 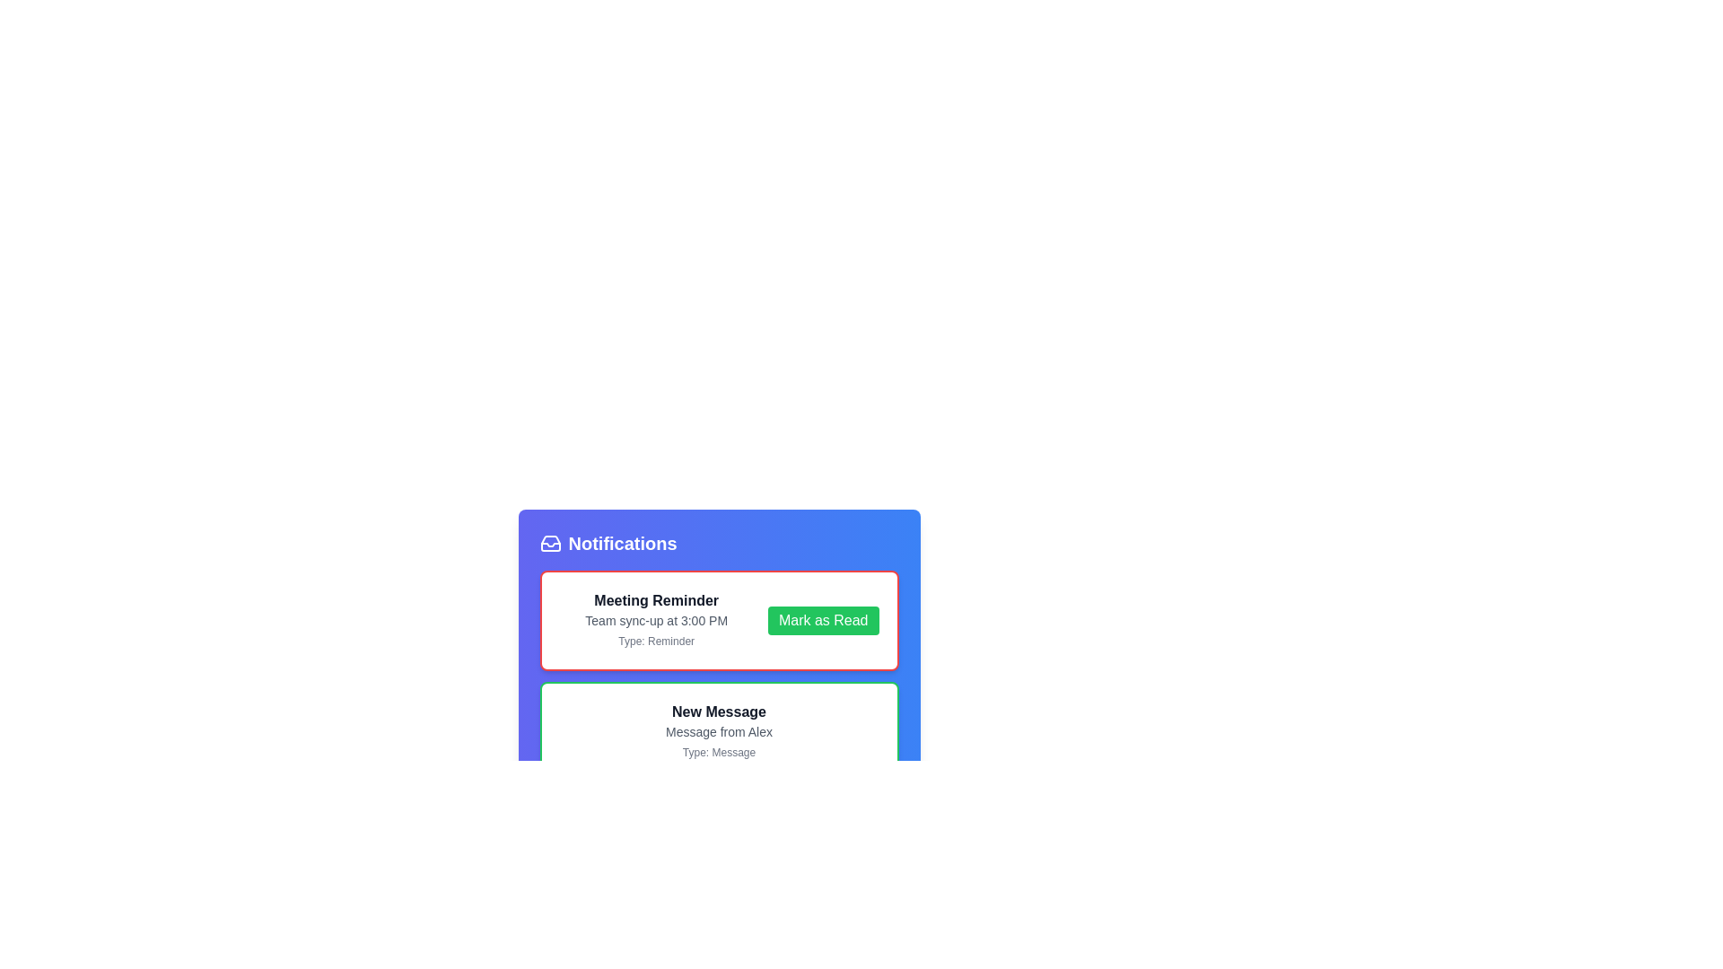 What do you see at coordinates (719, 711) in the screenshot?
I see `text label that serves as the header or title for the notification, which is centrally located below the 'Meeting Reminder' notification` at bounding box center [719, 711].